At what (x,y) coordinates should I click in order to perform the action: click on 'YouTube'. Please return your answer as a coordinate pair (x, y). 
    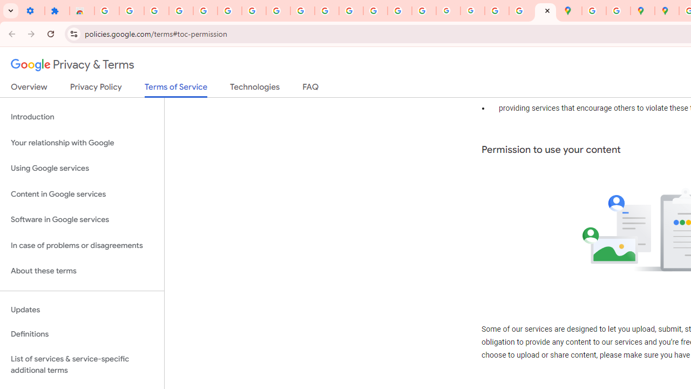
    Looking at the image, I should click on (302, 11).